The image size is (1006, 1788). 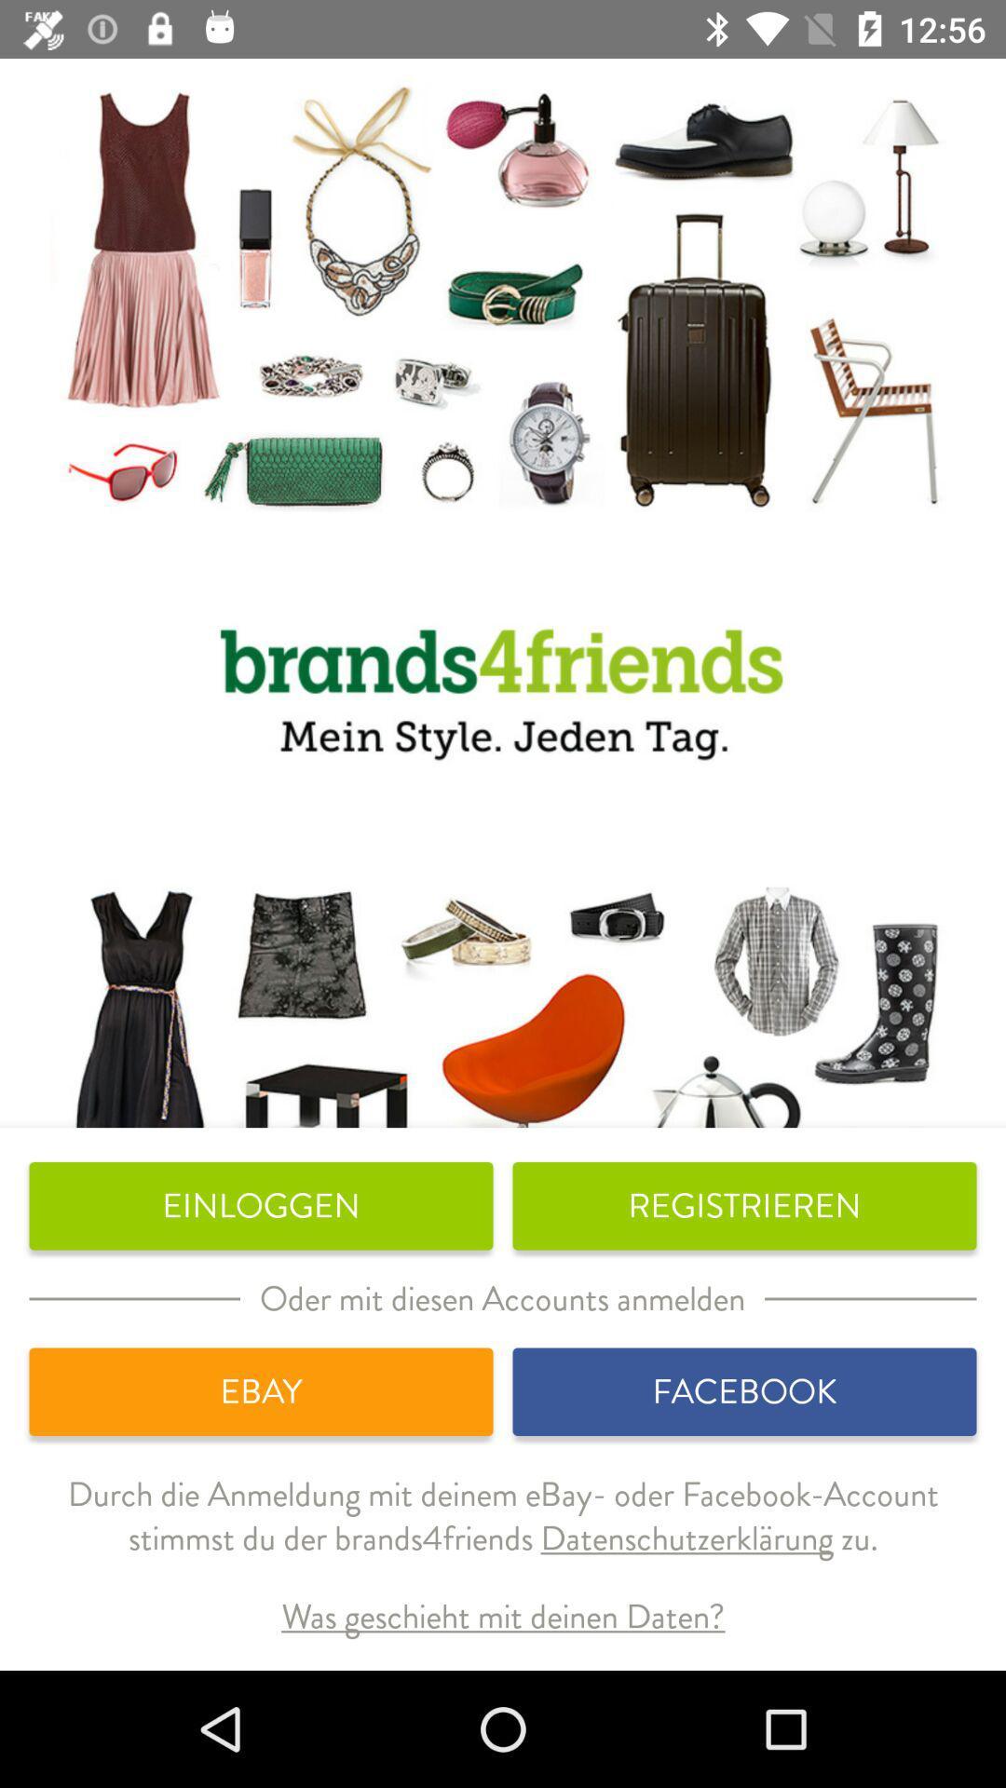 I want to click on item above the oder mit diesen, so click(x=261, y=1206).